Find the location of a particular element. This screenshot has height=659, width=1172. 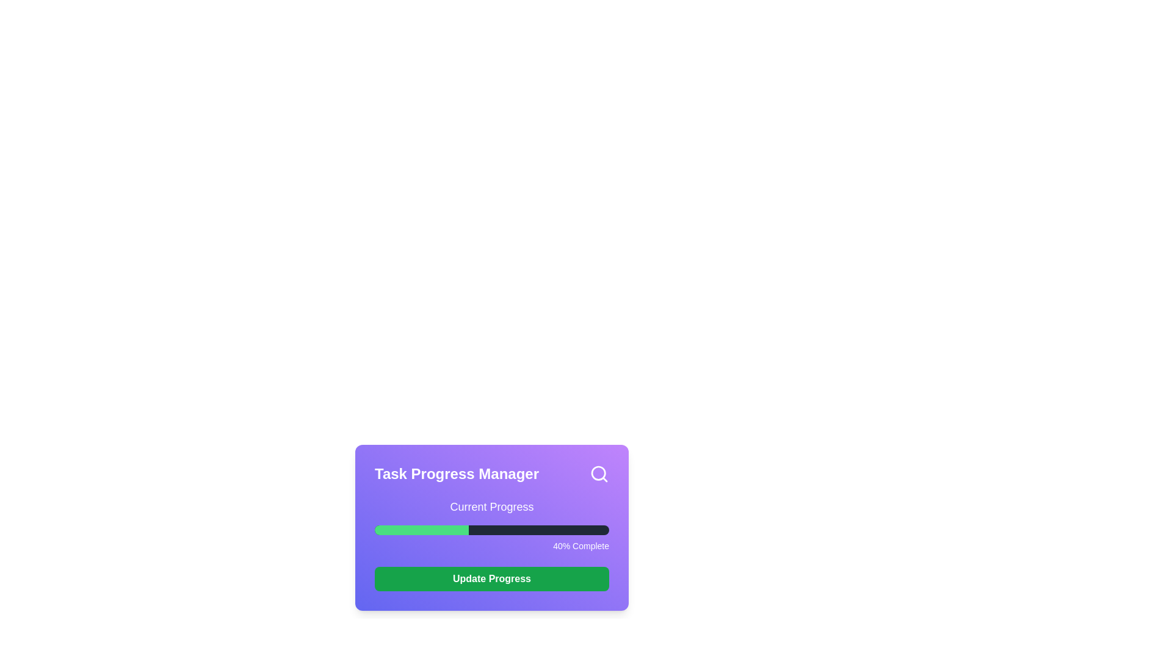

the progress information displayed on the progress bar that visually represents the completion percentage of a task, currently at 40%, located centrally below the 'Current Progress' heading is located at coordinates (492, 527).